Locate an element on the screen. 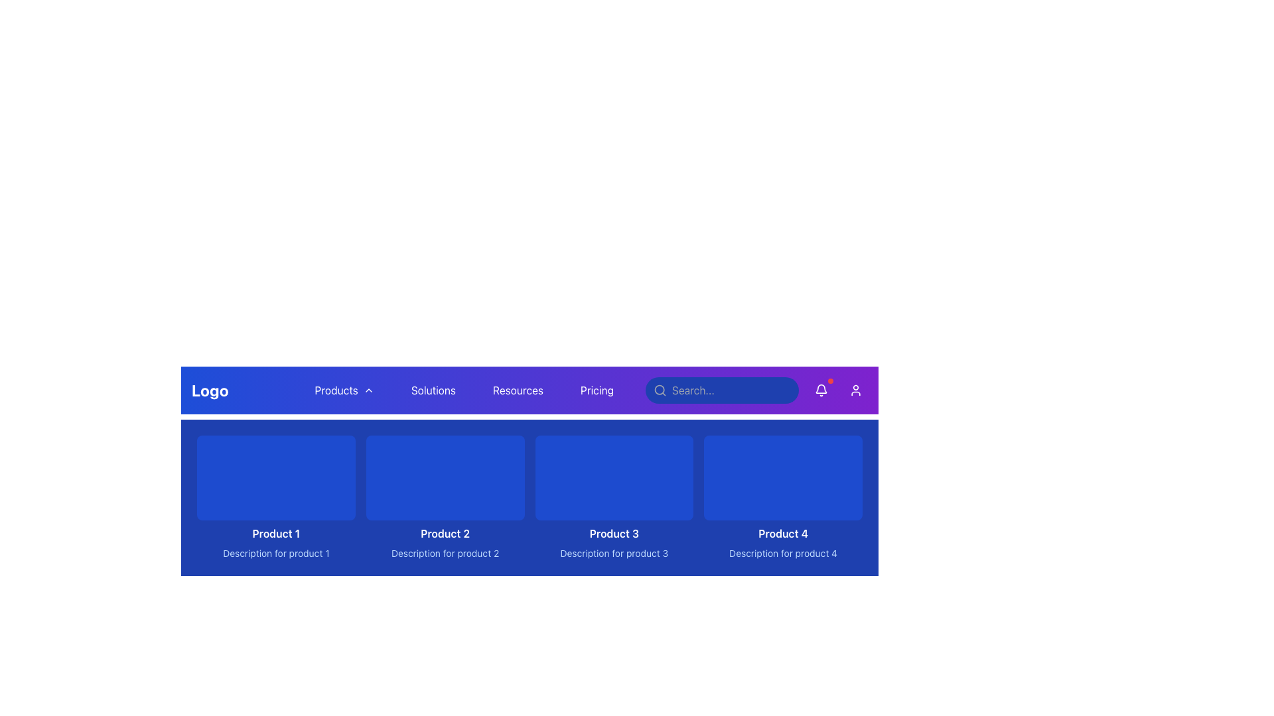 Image resolution: width=1274 pixels, height=716 pixels. descriptive label for 'Product 1', which is located centrally below the title in the leftmost product card of the grid layout is located at coordinates (275, 553).